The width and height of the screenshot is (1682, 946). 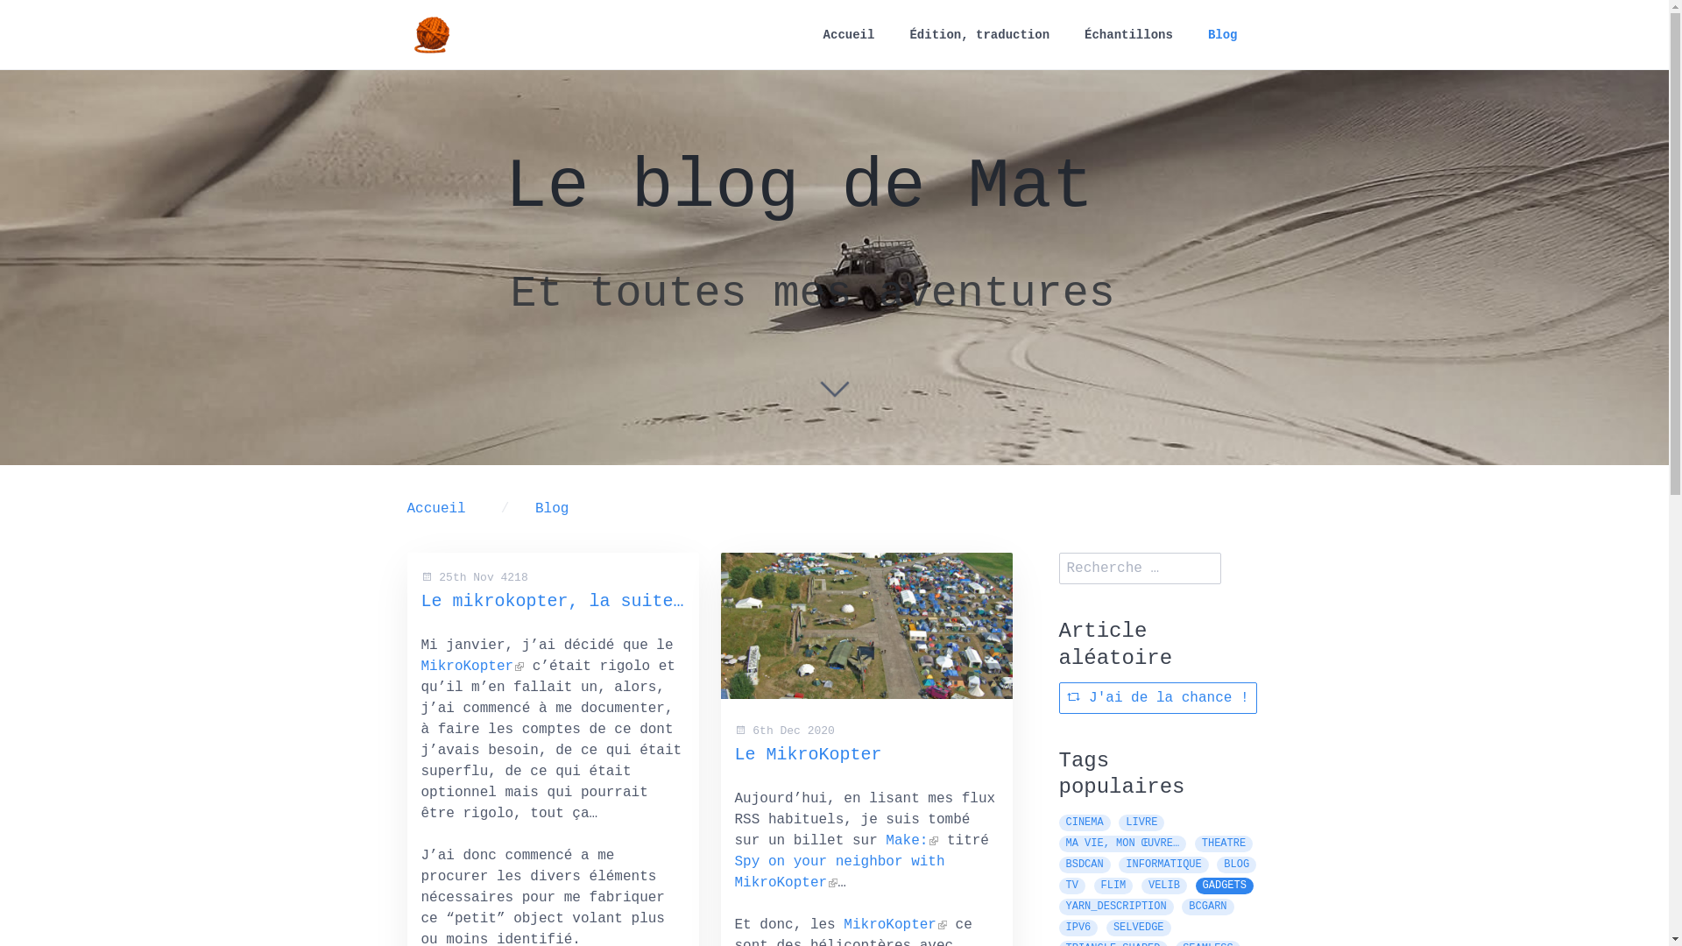 I want to click on 'LIVRE', so click(x=1141, y=822).